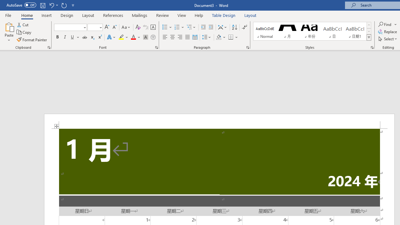 The height and width of the screenshot is (225, 400). I want to click on 'Distributed', so click(195, 37).